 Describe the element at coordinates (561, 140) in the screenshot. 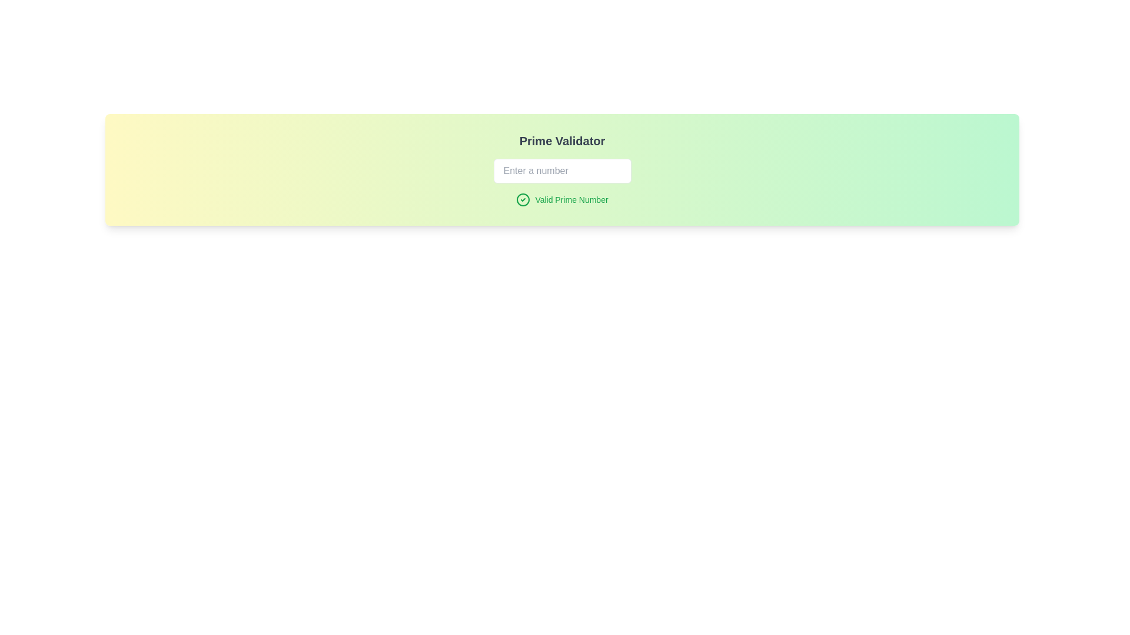

I see `the bold text label 'Prime Validator' which is prominently displayed at the top of the section, above the input field and status message` at that location.